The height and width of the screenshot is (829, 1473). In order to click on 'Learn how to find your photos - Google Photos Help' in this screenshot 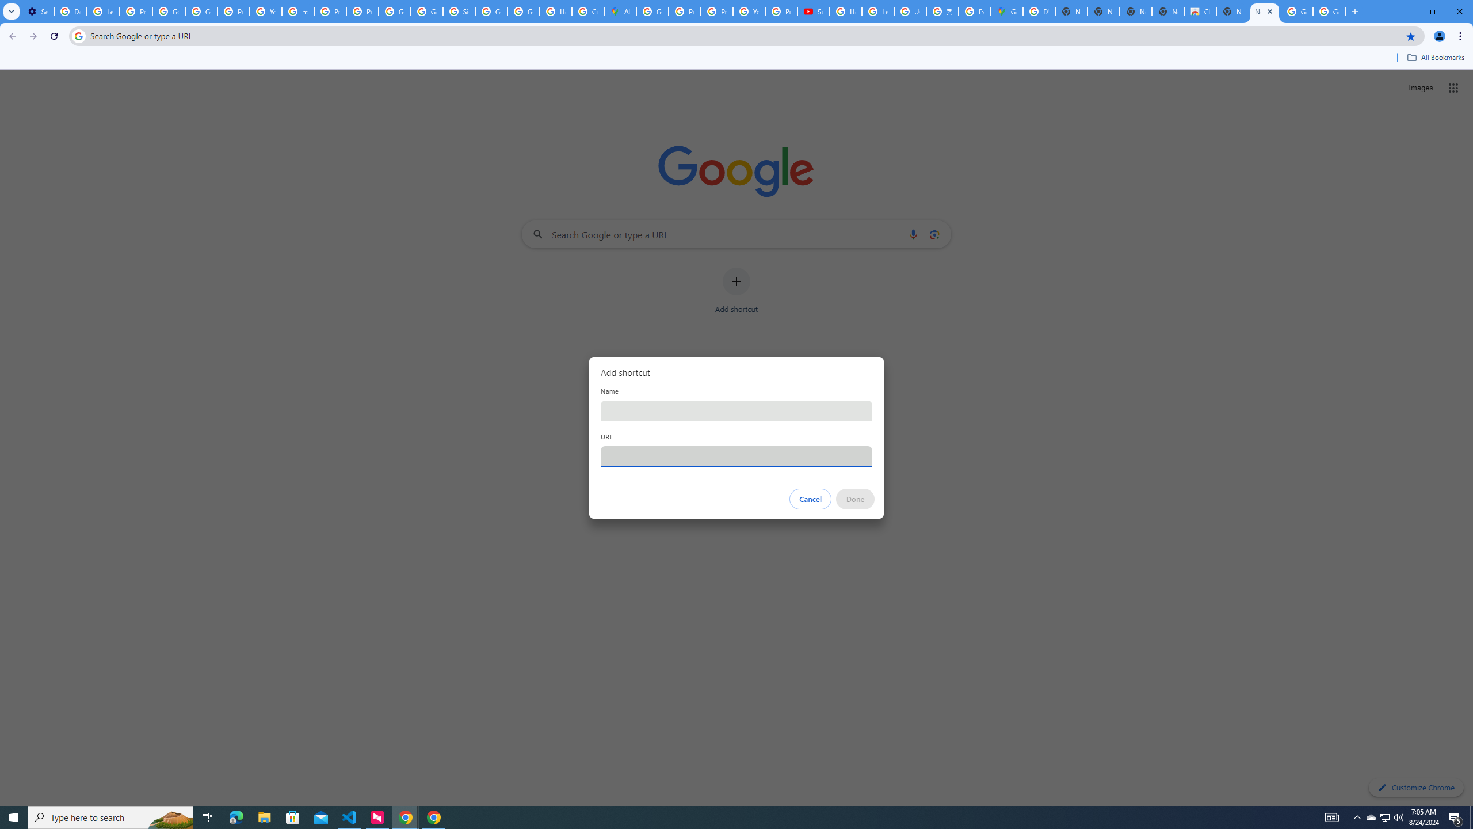, I will do `click(103, 11)`.